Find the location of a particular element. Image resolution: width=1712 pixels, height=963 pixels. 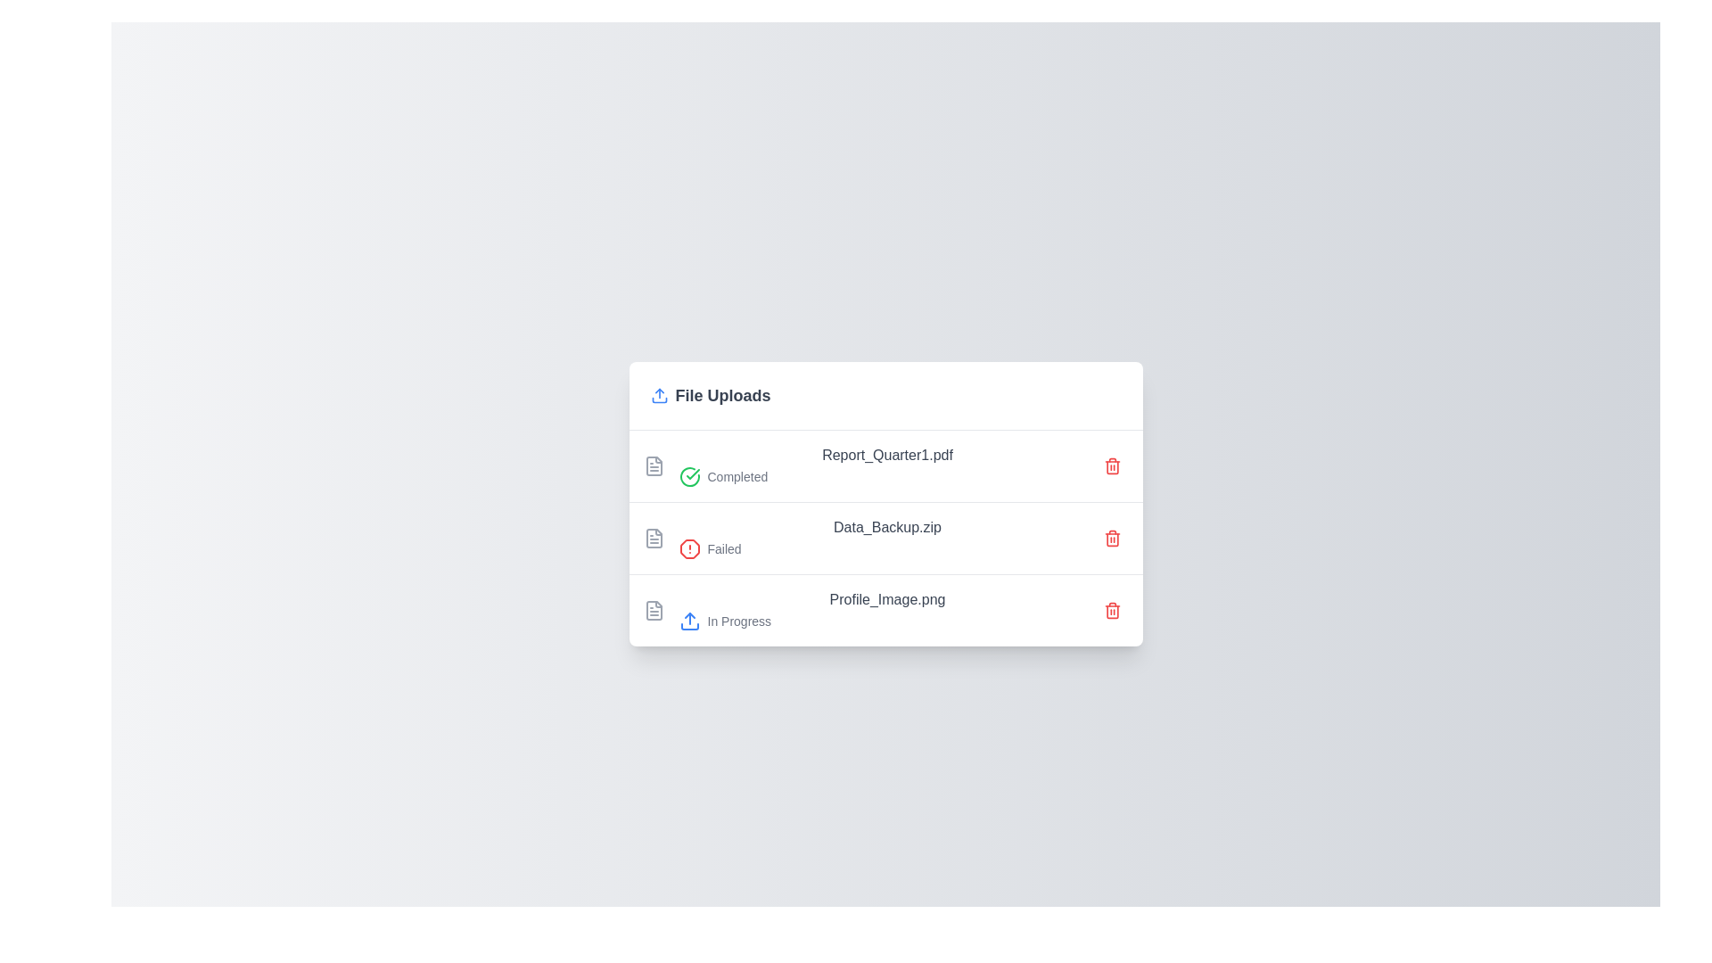

the trash icon button to the right of the file name 'Data_Backup.zip' and the status 'Failed' in the 'File Uploads' interface is located at coordinates (1111, 537).